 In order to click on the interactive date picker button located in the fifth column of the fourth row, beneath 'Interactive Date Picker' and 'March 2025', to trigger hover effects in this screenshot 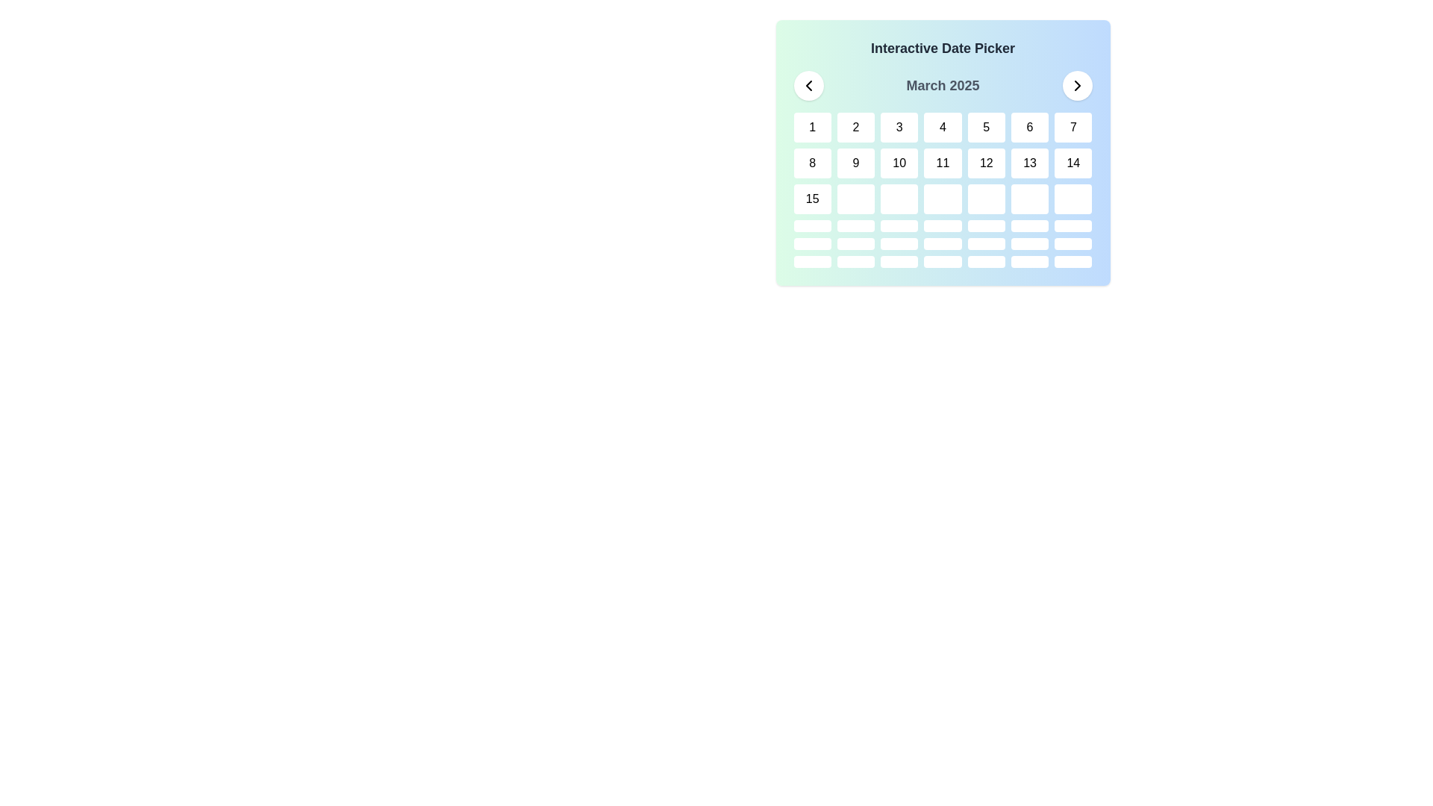, I will do `click(986, 198)`.